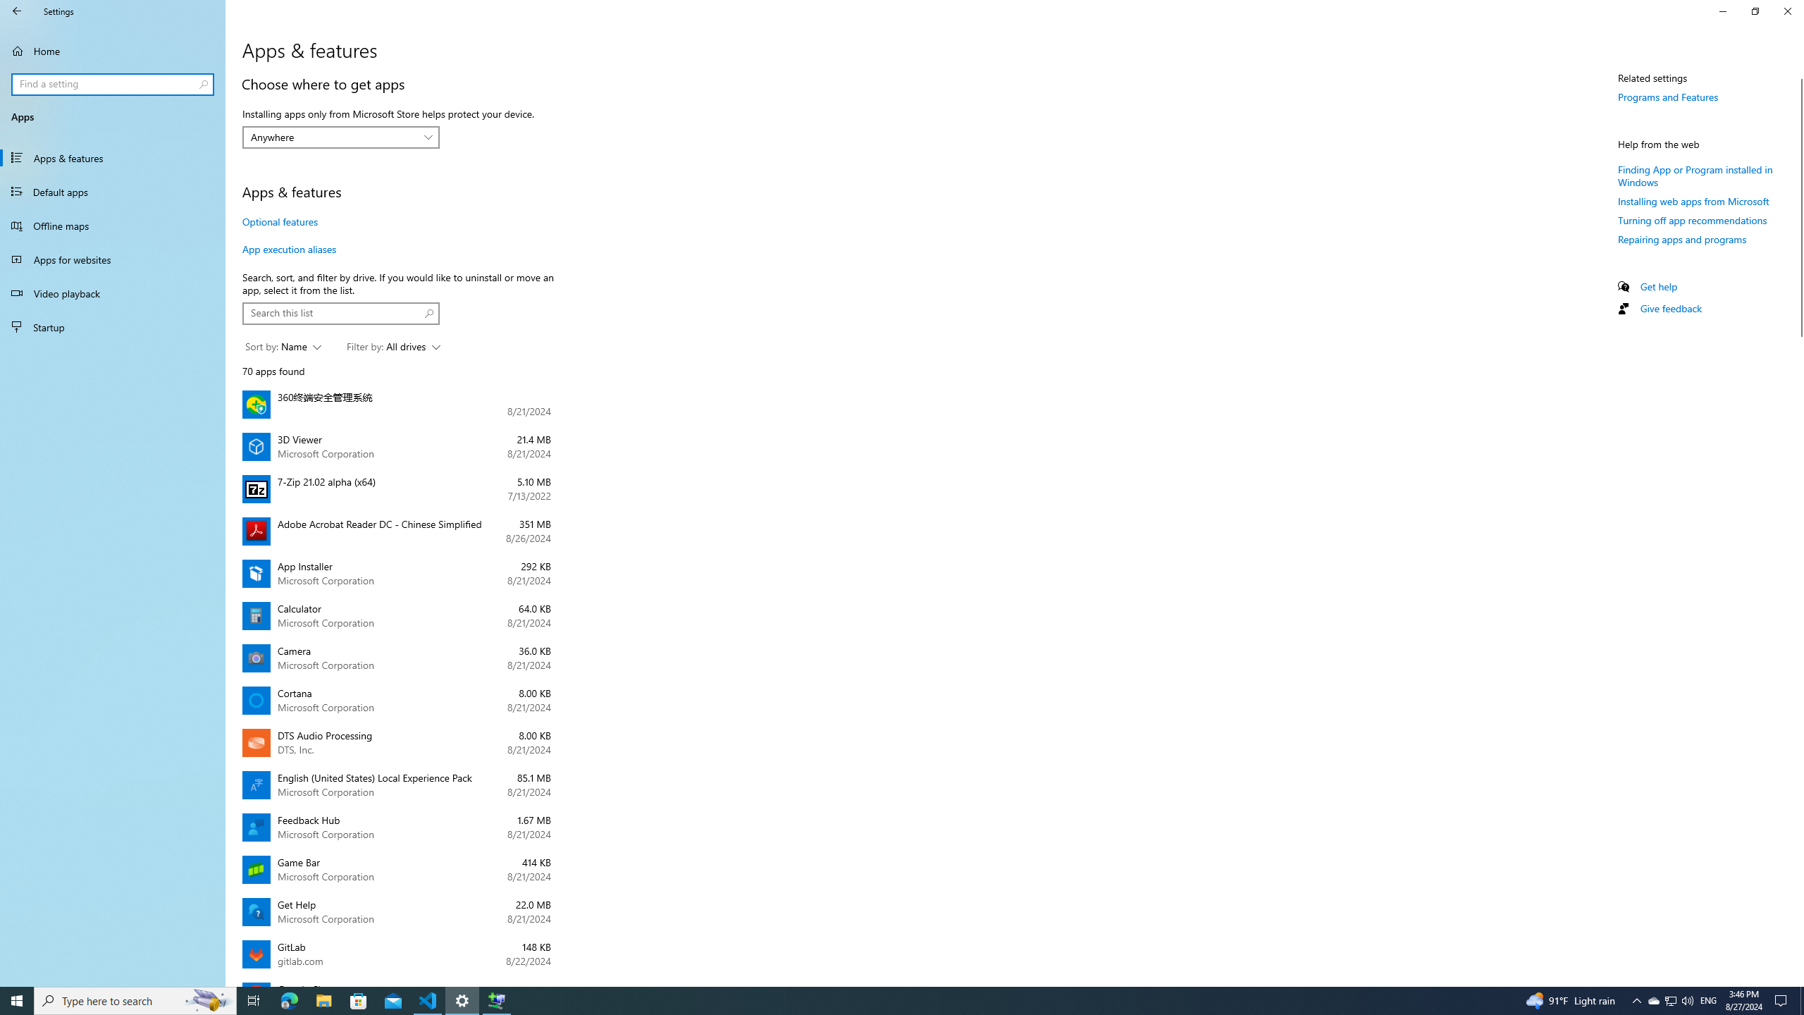 The width and height of the screenshot is (1804, 1015). I want to click on 'Visual Studio Code - 1 running window', so click(428, 999).